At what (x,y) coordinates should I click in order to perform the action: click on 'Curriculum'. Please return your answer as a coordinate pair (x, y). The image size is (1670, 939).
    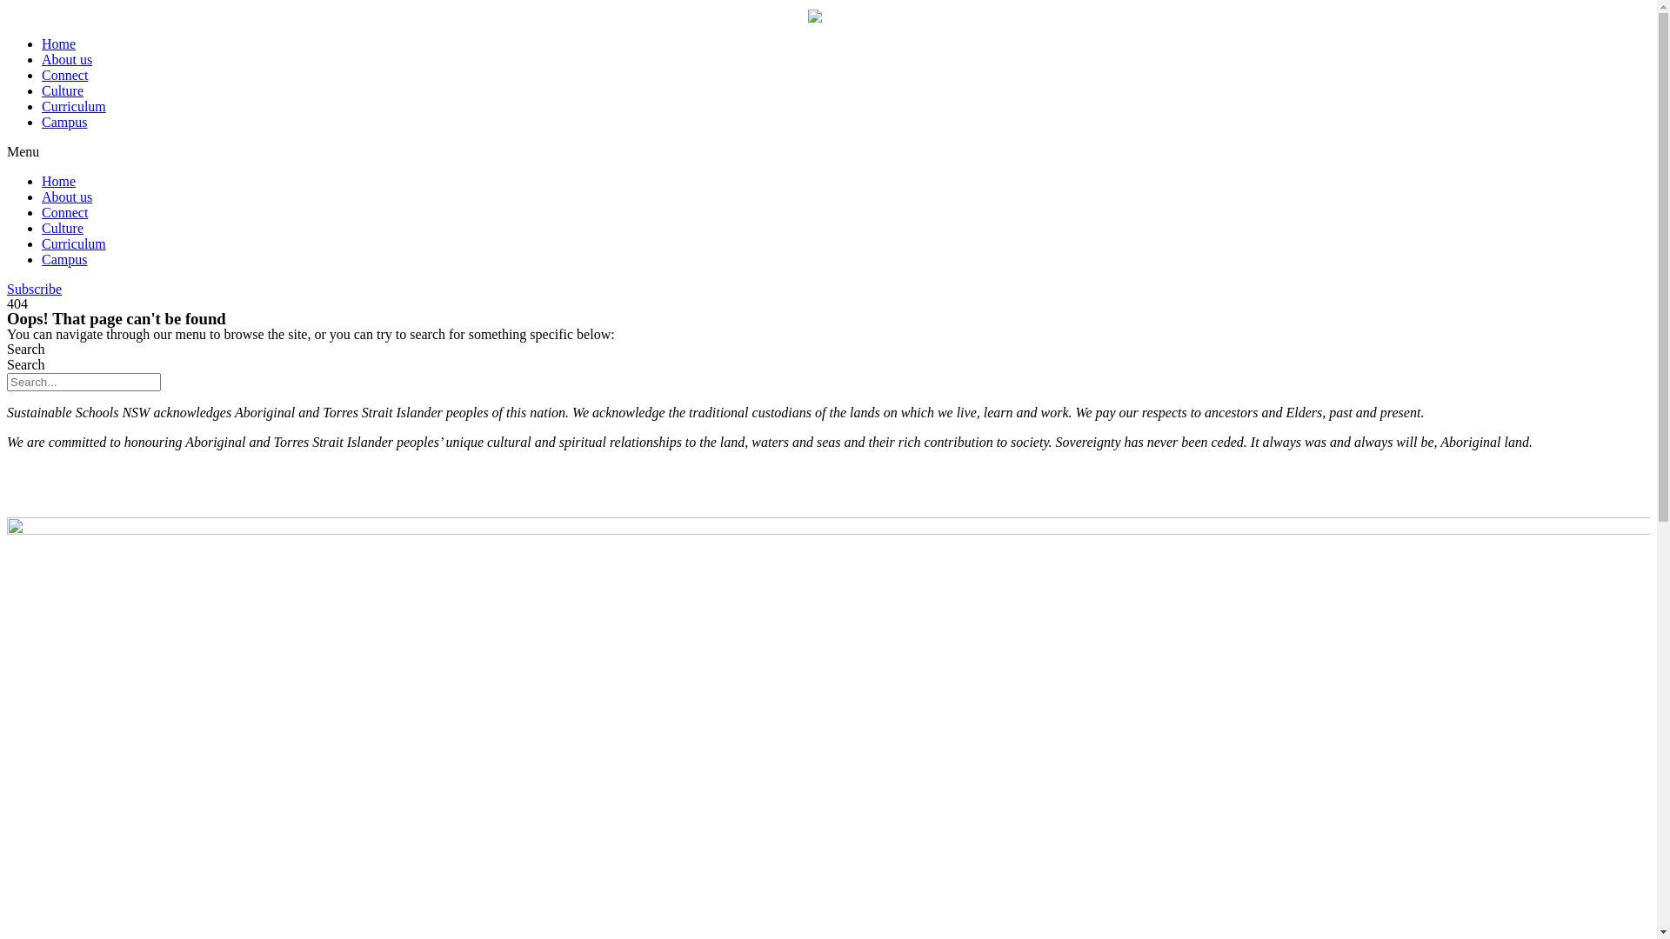
    Looking at the image, I should click on (73, 106).